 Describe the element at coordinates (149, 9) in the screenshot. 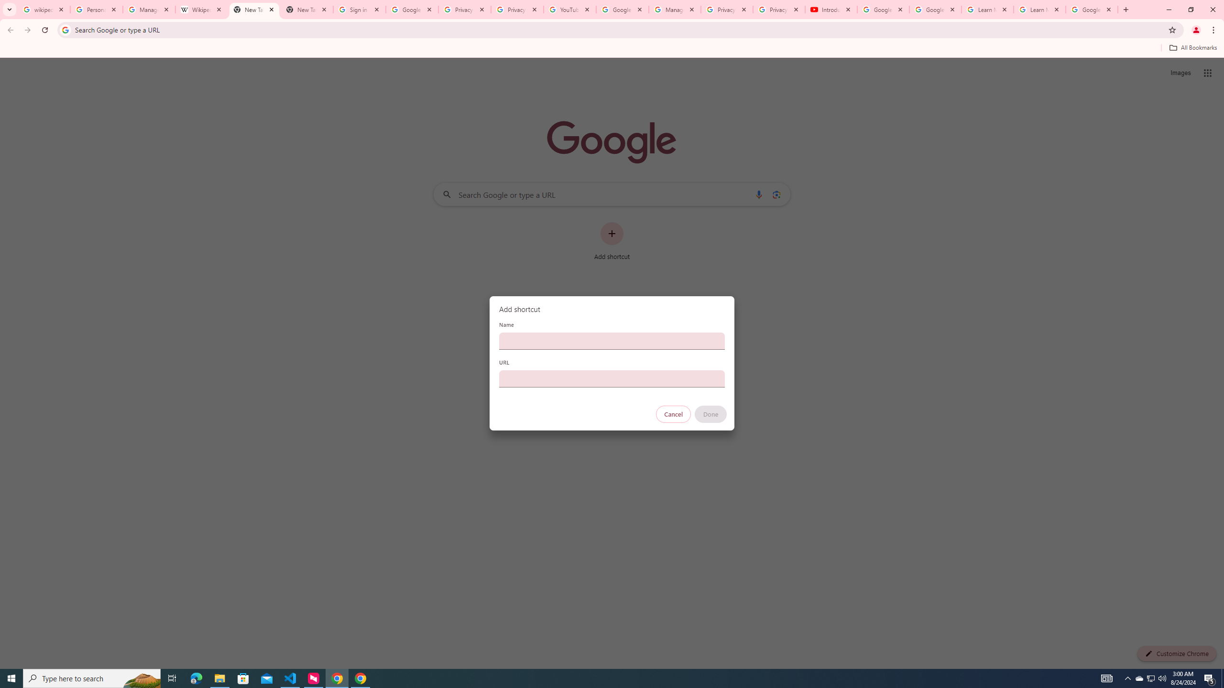

I see `'Manage your Location History - Google Search Help'` at that location.